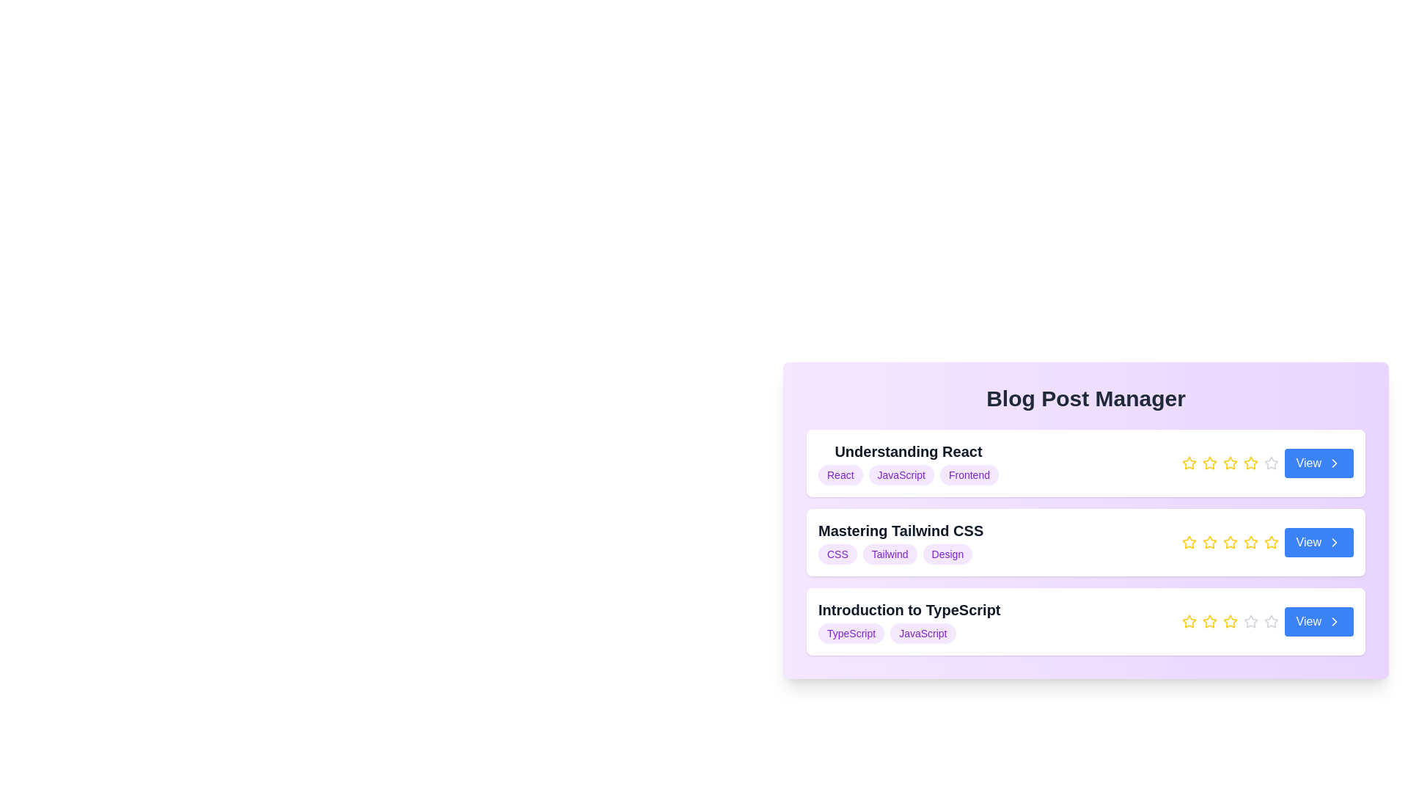  What do you see at coordinates (1209, 621) in the screenshot?
I see `the second star in the rating widget for the 'Introduction to TypeScript' post` at bounding box center [1209, 621].